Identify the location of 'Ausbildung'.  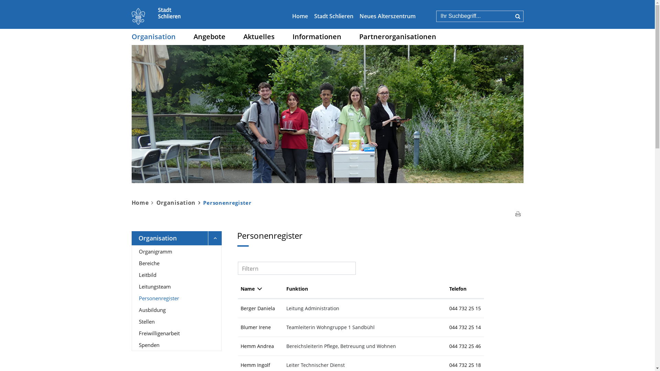
(177, 310).